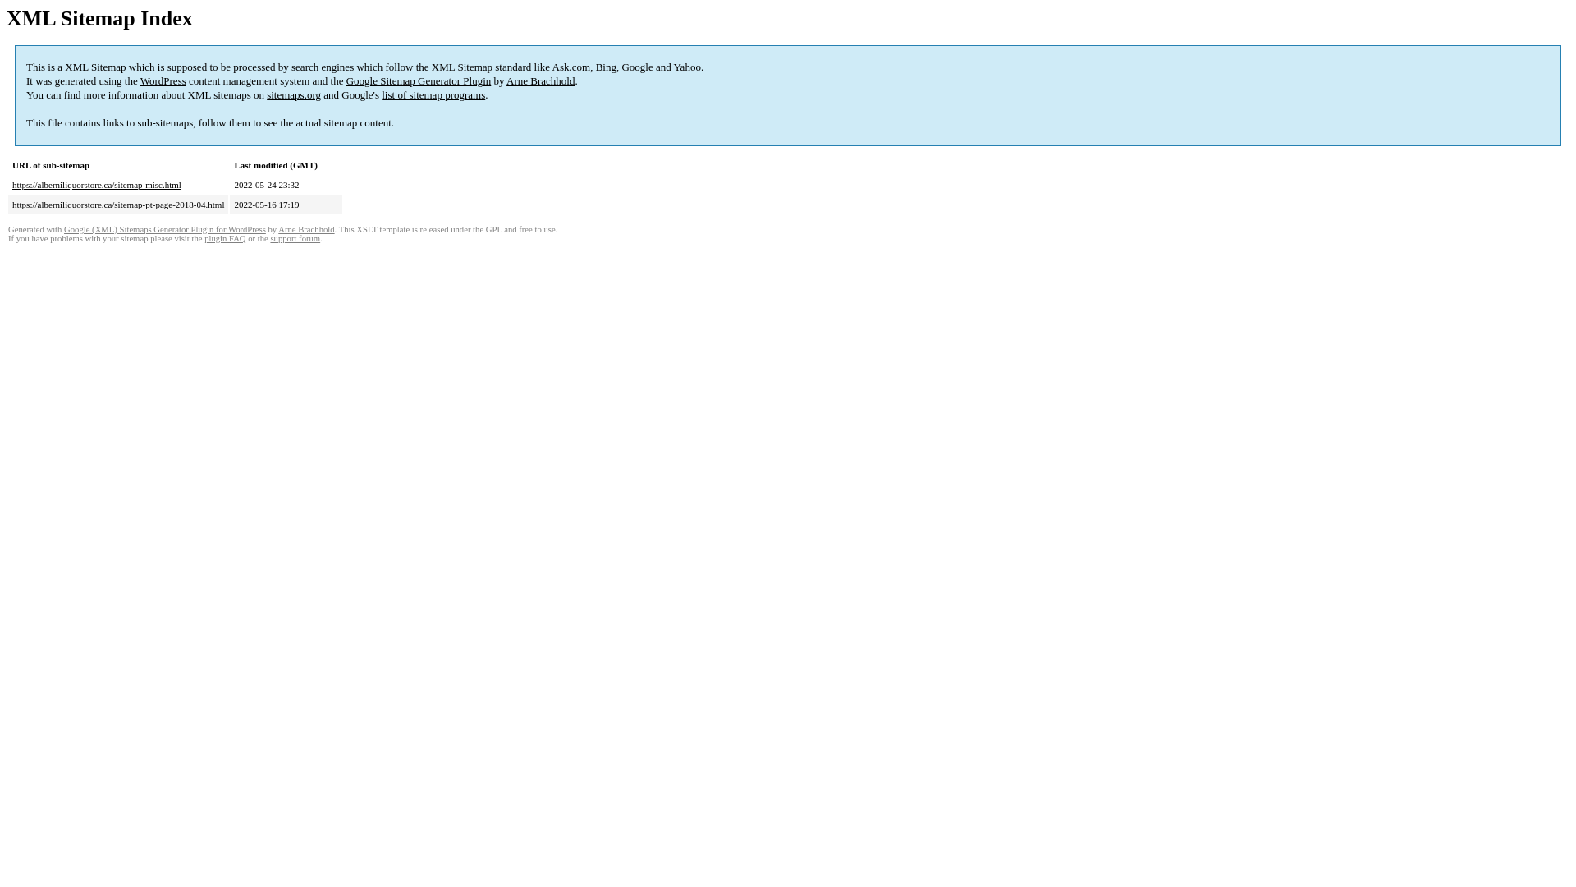 This screenshot has width=1576, height=887. I want to click on 'WordPress', so click(163, 80).